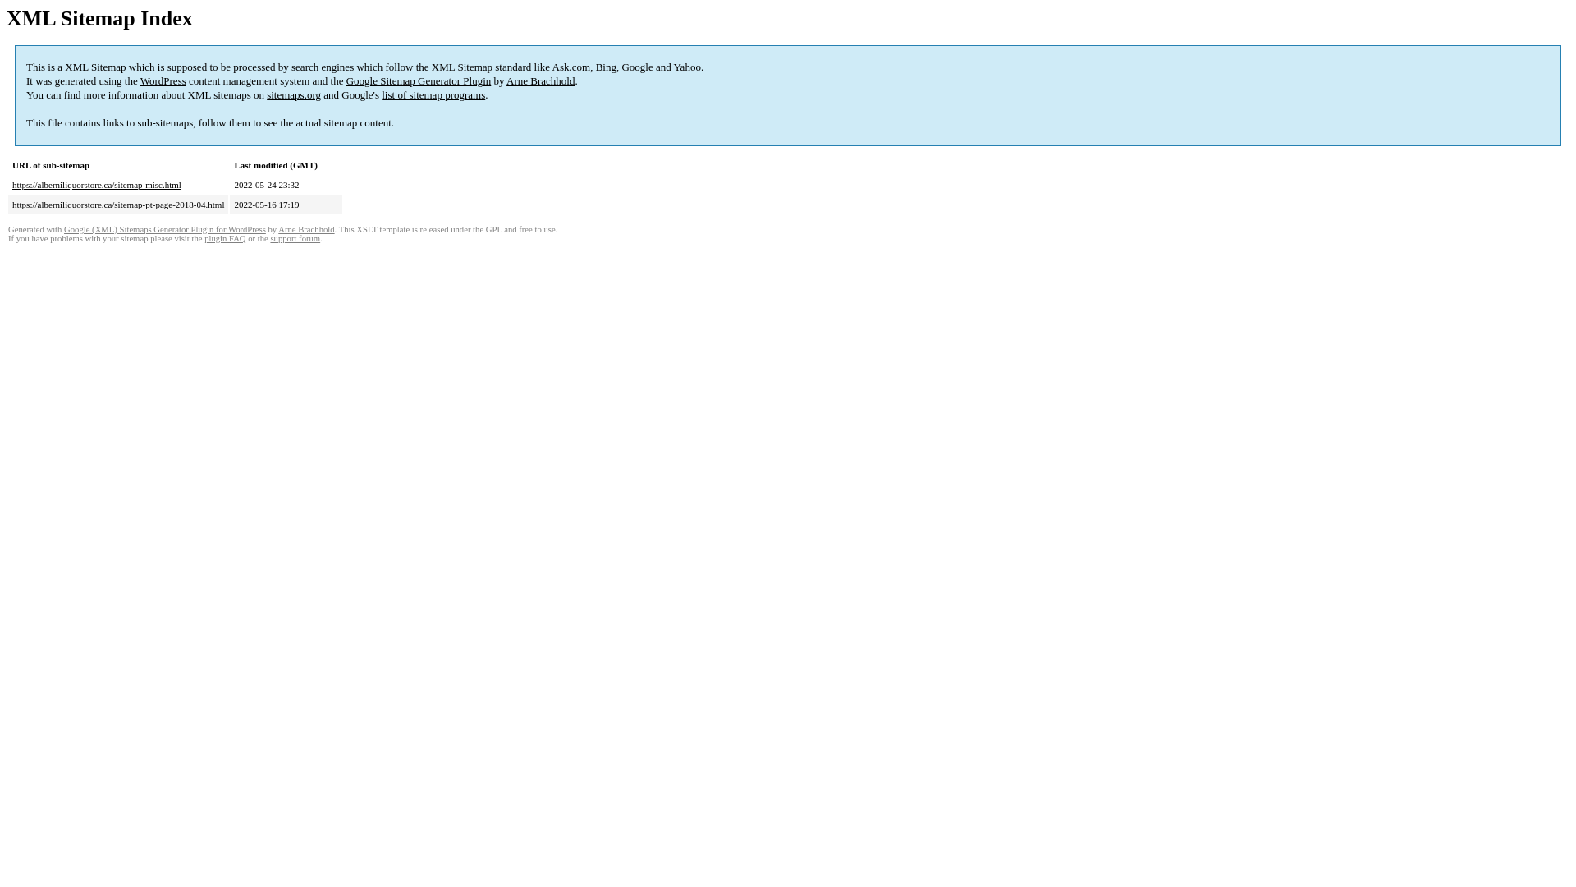 This screenshot has width=1576, height=887. I want to click on 'WordPress', so click(163, 80).